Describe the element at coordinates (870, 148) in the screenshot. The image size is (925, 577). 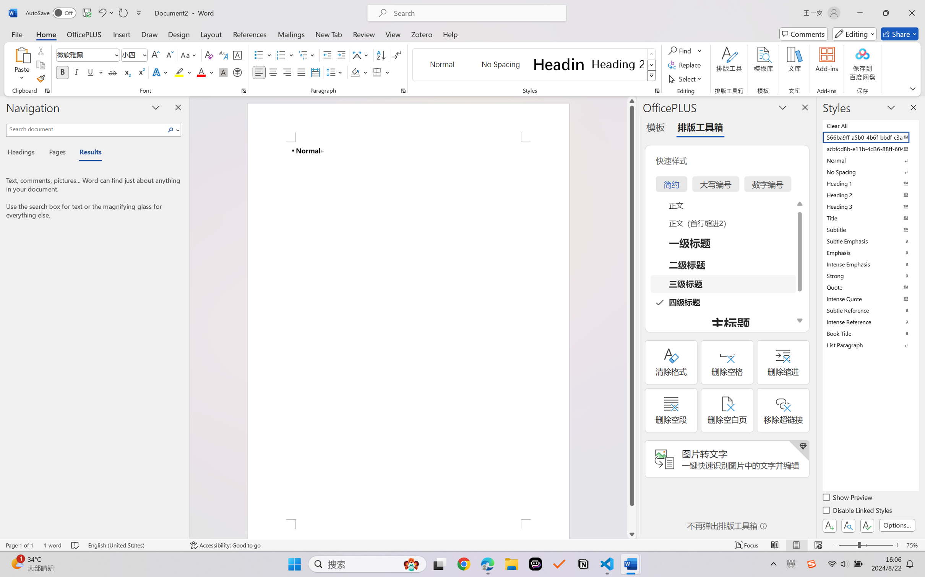
I see `'acbfdd8b-e11b-4d36-88ff-6049b138f862'` at that location.